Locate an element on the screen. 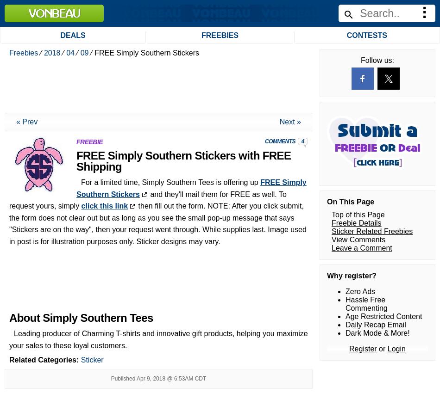  'Leading producer of Charming T-shirts and innovative gift products, helping you maximize your sales to these loyal customers.' is located at coordinates (158, 108).